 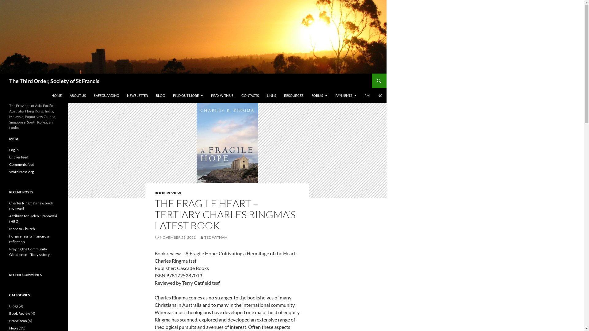 I want to click on 'WordPress.org', so click(x=9, y=172).